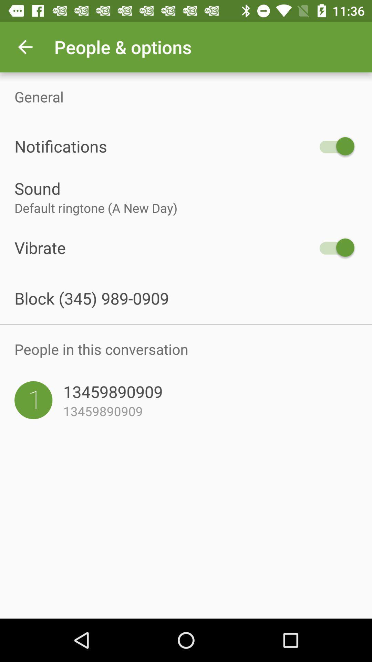  I want to click on item to the left of the people & options, so click(25, 47).